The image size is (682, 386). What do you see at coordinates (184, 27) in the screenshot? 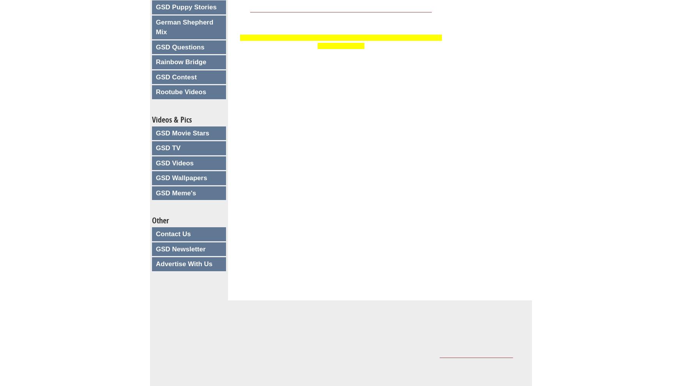
I see `'German Shepherd Mix'` at bounding box center [184, 27].